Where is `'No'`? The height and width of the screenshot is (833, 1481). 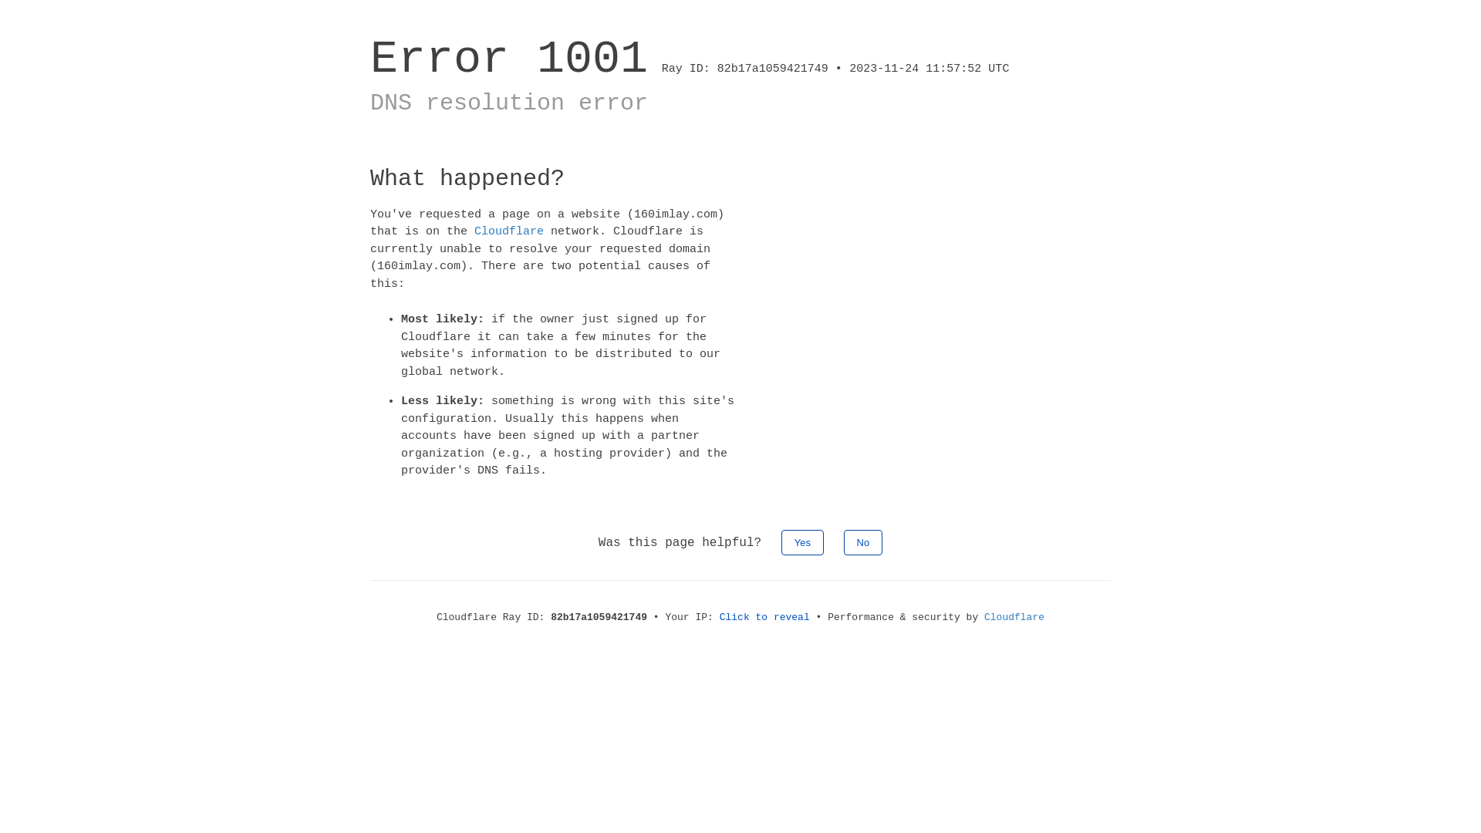
'No' is located at coordinates (862, 541).